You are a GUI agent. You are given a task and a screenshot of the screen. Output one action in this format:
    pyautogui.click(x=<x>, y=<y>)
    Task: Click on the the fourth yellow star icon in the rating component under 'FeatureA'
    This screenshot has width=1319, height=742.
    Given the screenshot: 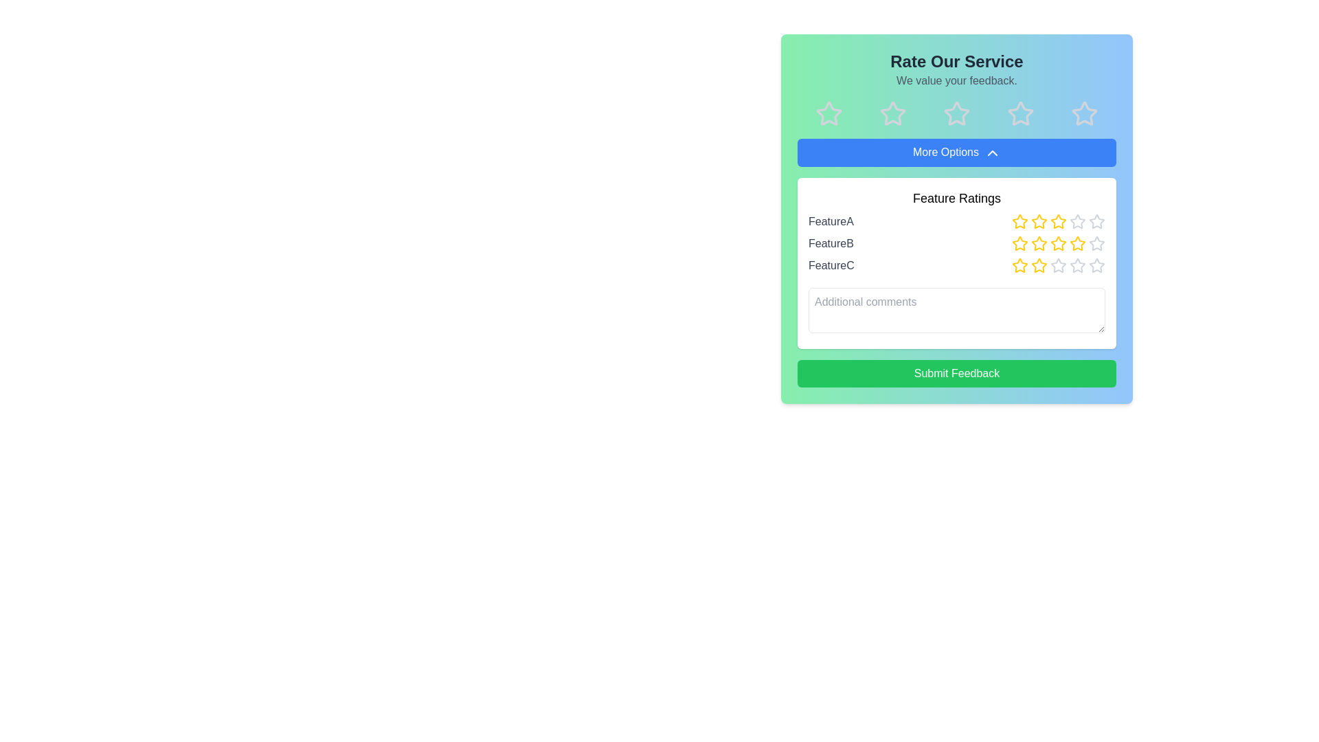 What is the action you would take?
    pyautogui.click(x=1057, y=221)
    